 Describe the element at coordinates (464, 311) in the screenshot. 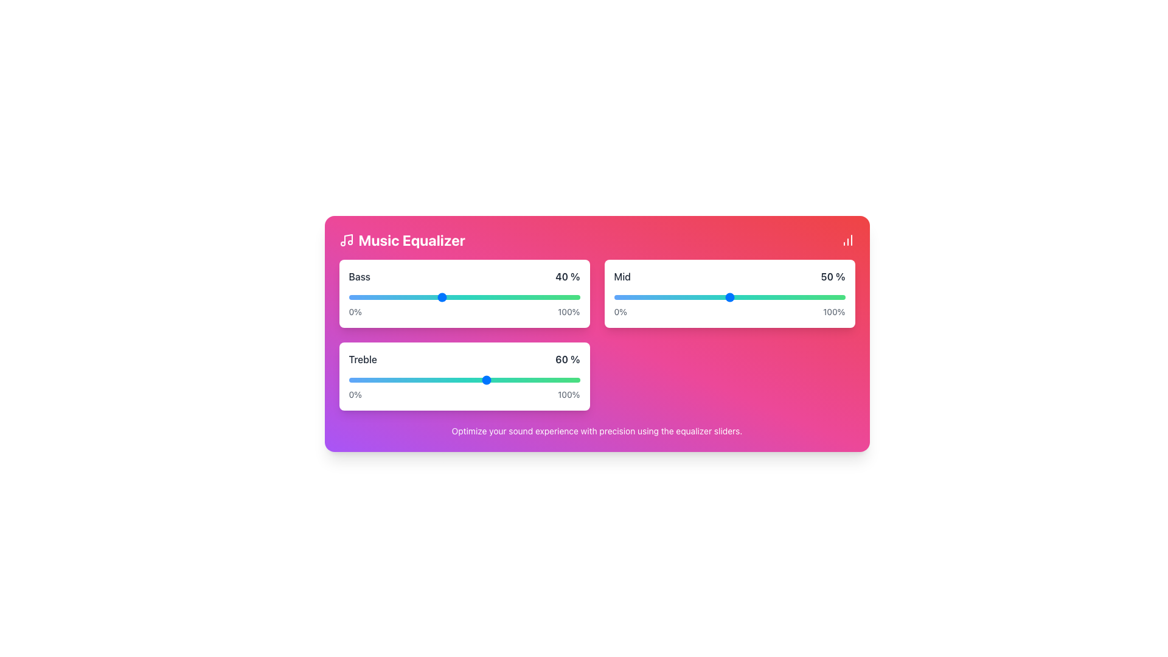

I see `the label displaying '0% 100%' which is located beneath the 'Bass' slider control in the equalizer interface` at that location.